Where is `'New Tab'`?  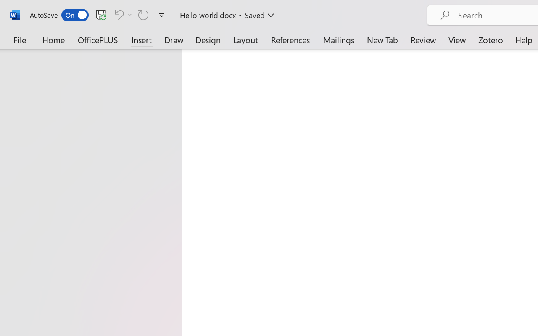
'New Tab' is located at coordinates (382, 39).